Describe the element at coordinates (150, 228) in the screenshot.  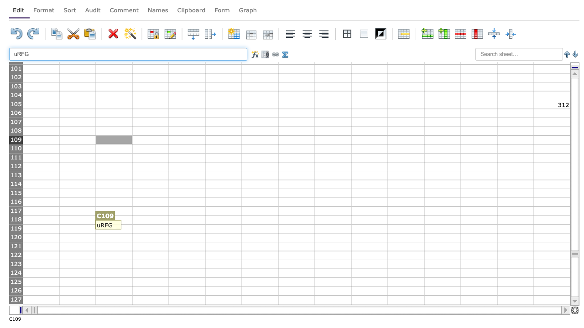
I see `D119` at that location.